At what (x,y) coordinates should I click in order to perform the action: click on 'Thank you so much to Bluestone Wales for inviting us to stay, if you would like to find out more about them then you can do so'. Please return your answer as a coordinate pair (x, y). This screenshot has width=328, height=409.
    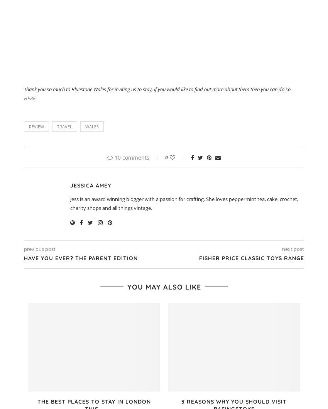
    Looking at the image, I should click on (157, 89).